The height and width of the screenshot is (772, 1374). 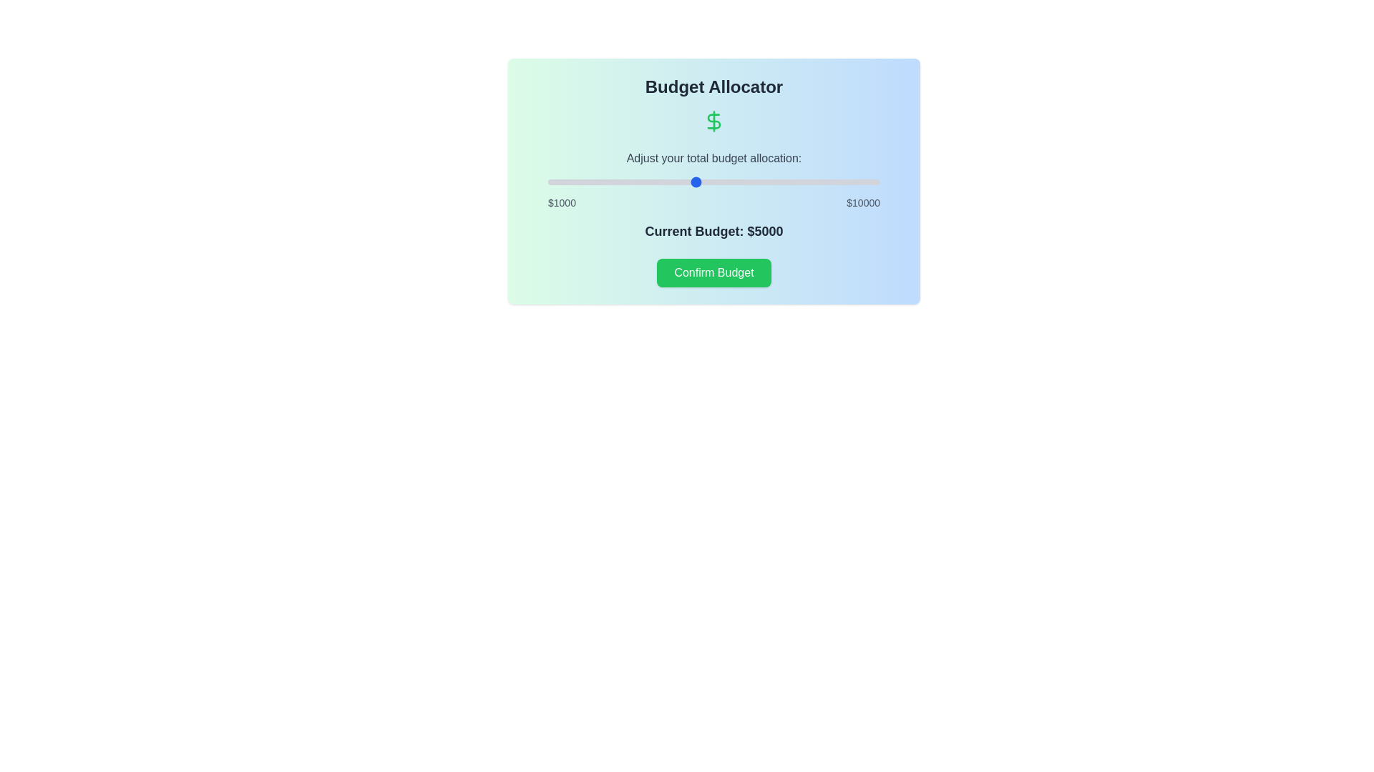 I want to click on the budget slider to set the budget to 5079 dollars, so click(x=698, y=181).